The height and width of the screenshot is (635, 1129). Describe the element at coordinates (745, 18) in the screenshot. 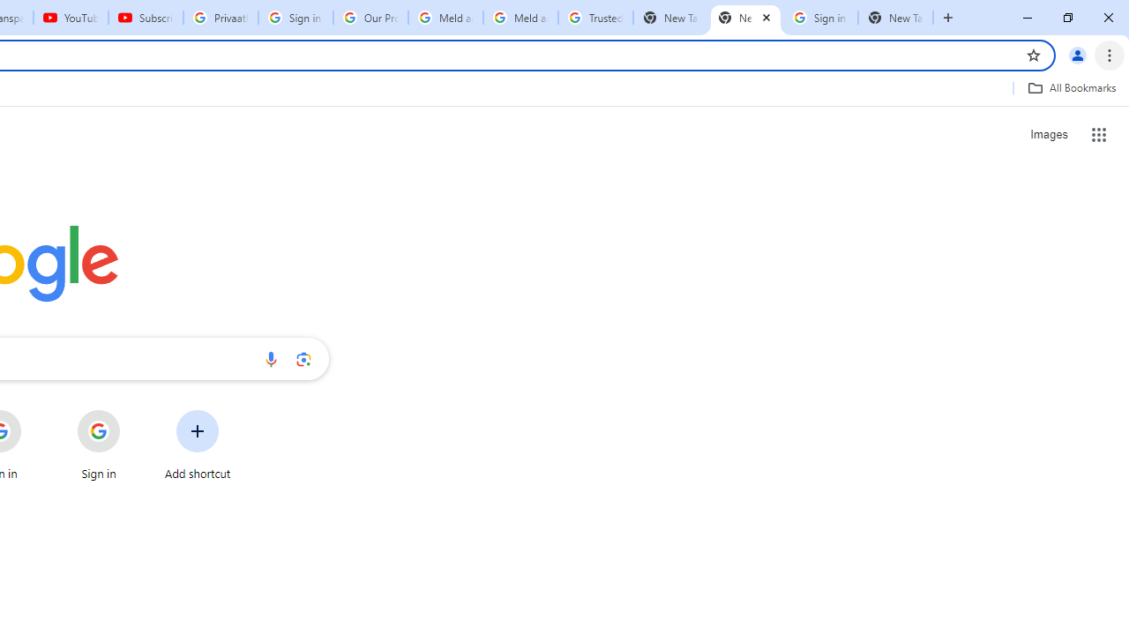

I see `'New Tab'` at that location.